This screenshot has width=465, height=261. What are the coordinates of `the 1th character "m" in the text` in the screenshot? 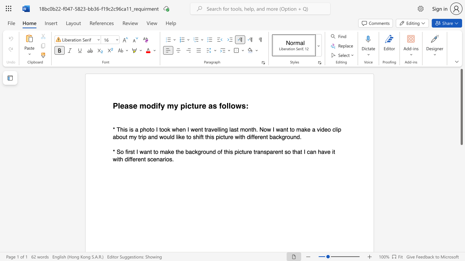 It's located at (242, 129).